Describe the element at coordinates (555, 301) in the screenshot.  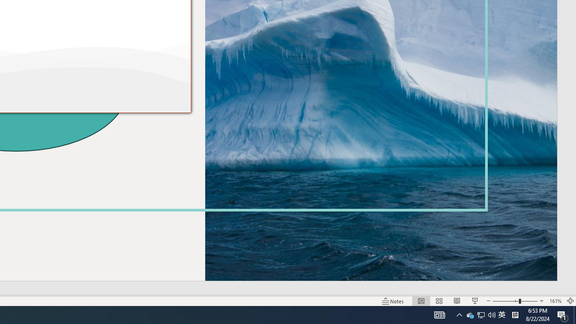
I see `'Zoom 161%'` at that location.